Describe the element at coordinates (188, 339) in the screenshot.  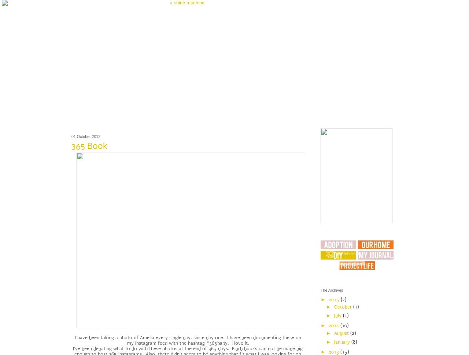
I see `'I have been taking a photo of Amelia every single day, since day one.  I have been documenting these on my Instagram feed with the hashtag #365baby.  I love it.'` at that location.